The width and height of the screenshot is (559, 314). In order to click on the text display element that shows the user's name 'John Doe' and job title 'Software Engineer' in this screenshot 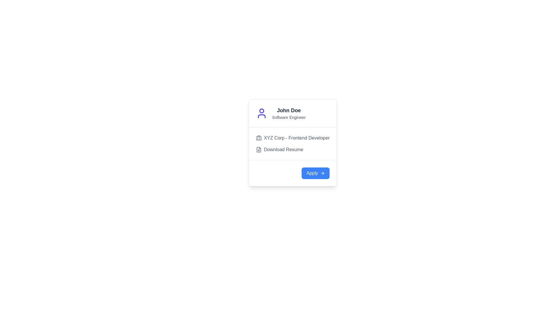, I will do `click(289, 113)`.